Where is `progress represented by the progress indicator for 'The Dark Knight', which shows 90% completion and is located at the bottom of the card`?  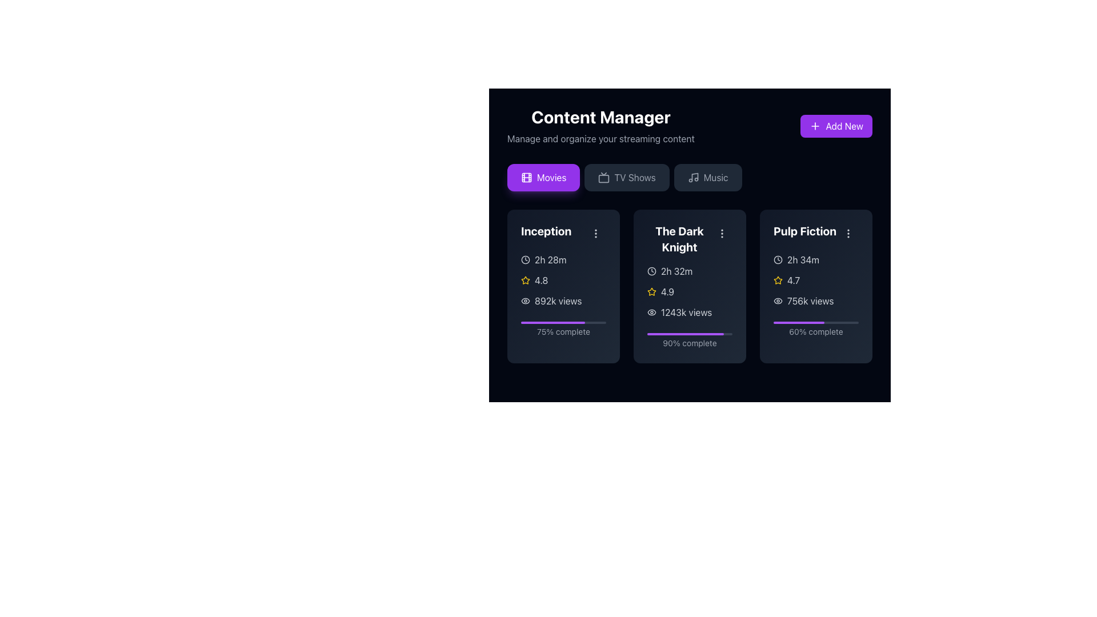 progress represented by the progress indicator for 'The Dark Knight', which shows 90% completion and is located at the bottom of the card is located at coordinates (689, 338).